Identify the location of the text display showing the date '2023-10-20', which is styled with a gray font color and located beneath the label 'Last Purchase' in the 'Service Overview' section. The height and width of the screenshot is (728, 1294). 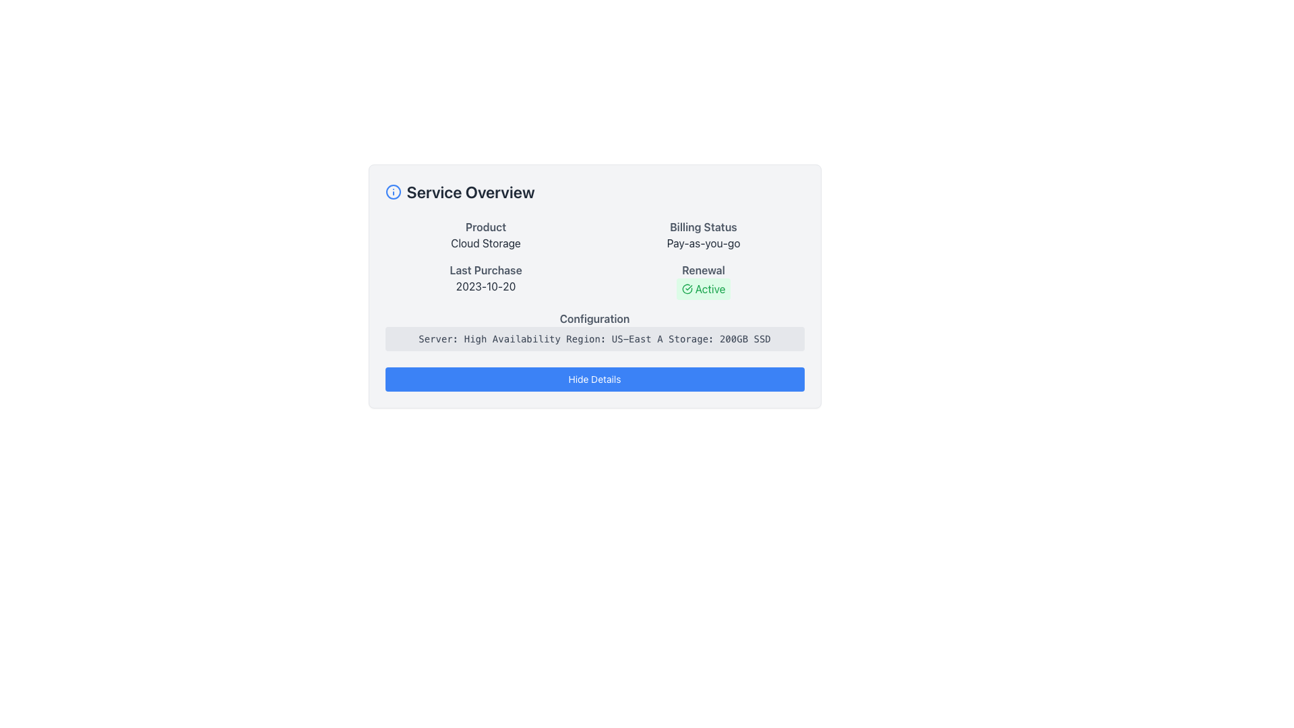
(485, 285).